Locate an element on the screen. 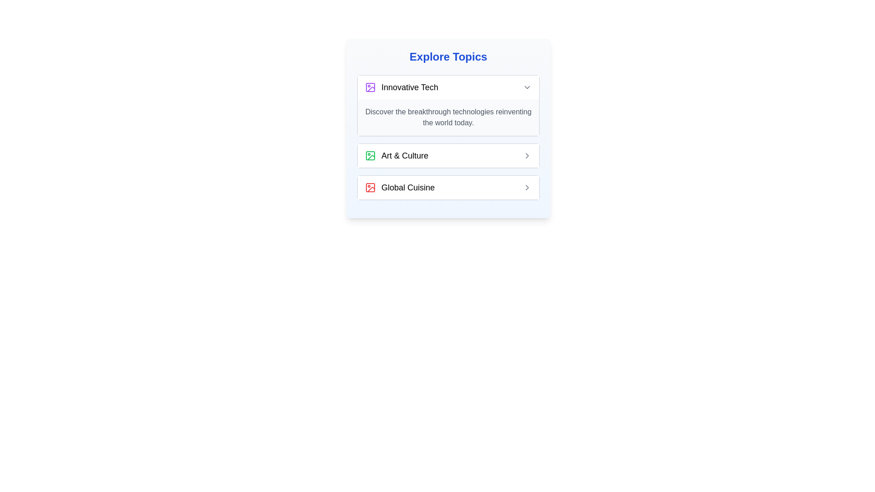 Image resolution: width=875 pixels, height=492 pixels. informational text block located directly below the 'Innovative Tech' section header, which summarizes or introduces the section's focus is located at coordinates (448, 117).